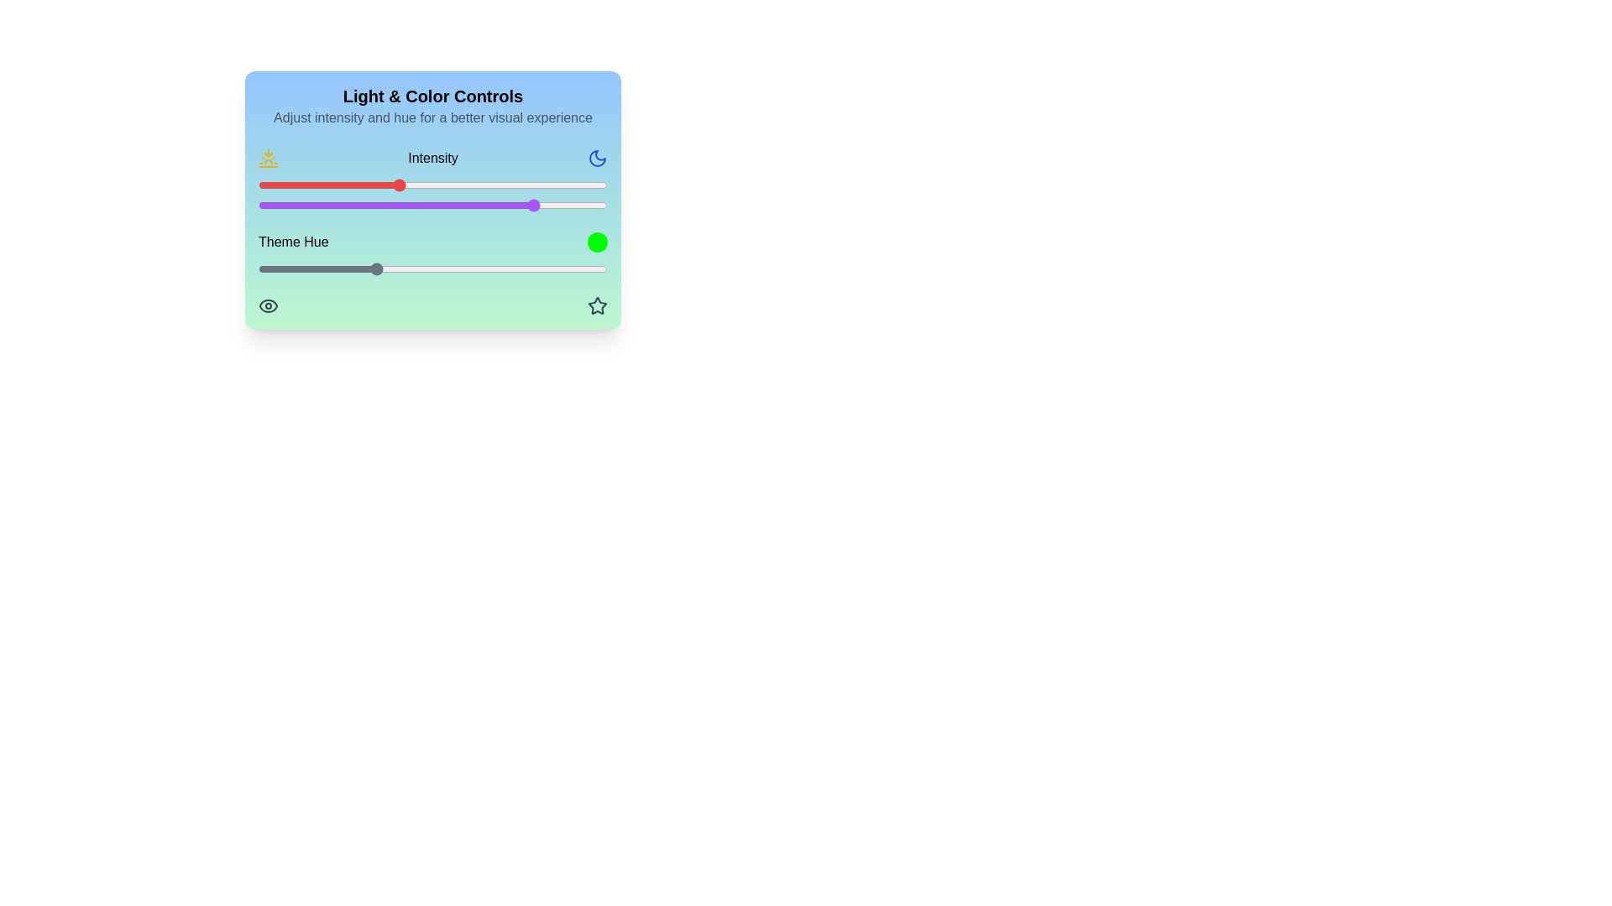 This screenshot has width=1612, height=906. I want to click on the bottom-most segment of the 'Light & Color Controls' panel, which serves as a footer or control section, so click(432, 306).